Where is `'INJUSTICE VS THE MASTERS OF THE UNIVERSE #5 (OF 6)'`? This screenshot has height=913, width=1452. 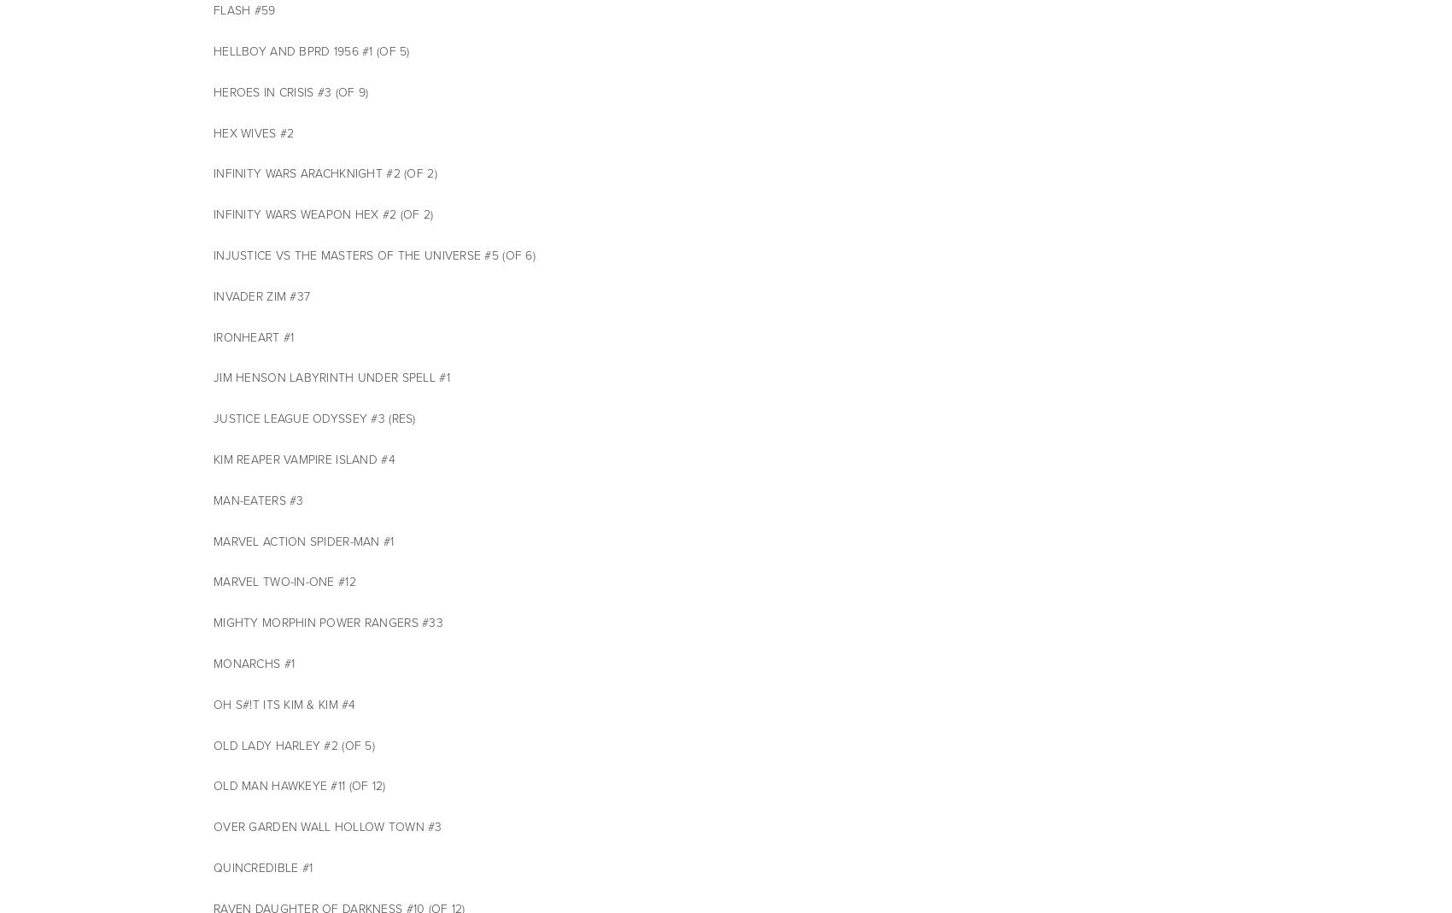 'INJUSTICE VS THE MASTERS OF THE UNIVERSE #5 (OF 6)' is located at coordinates (214, 255).